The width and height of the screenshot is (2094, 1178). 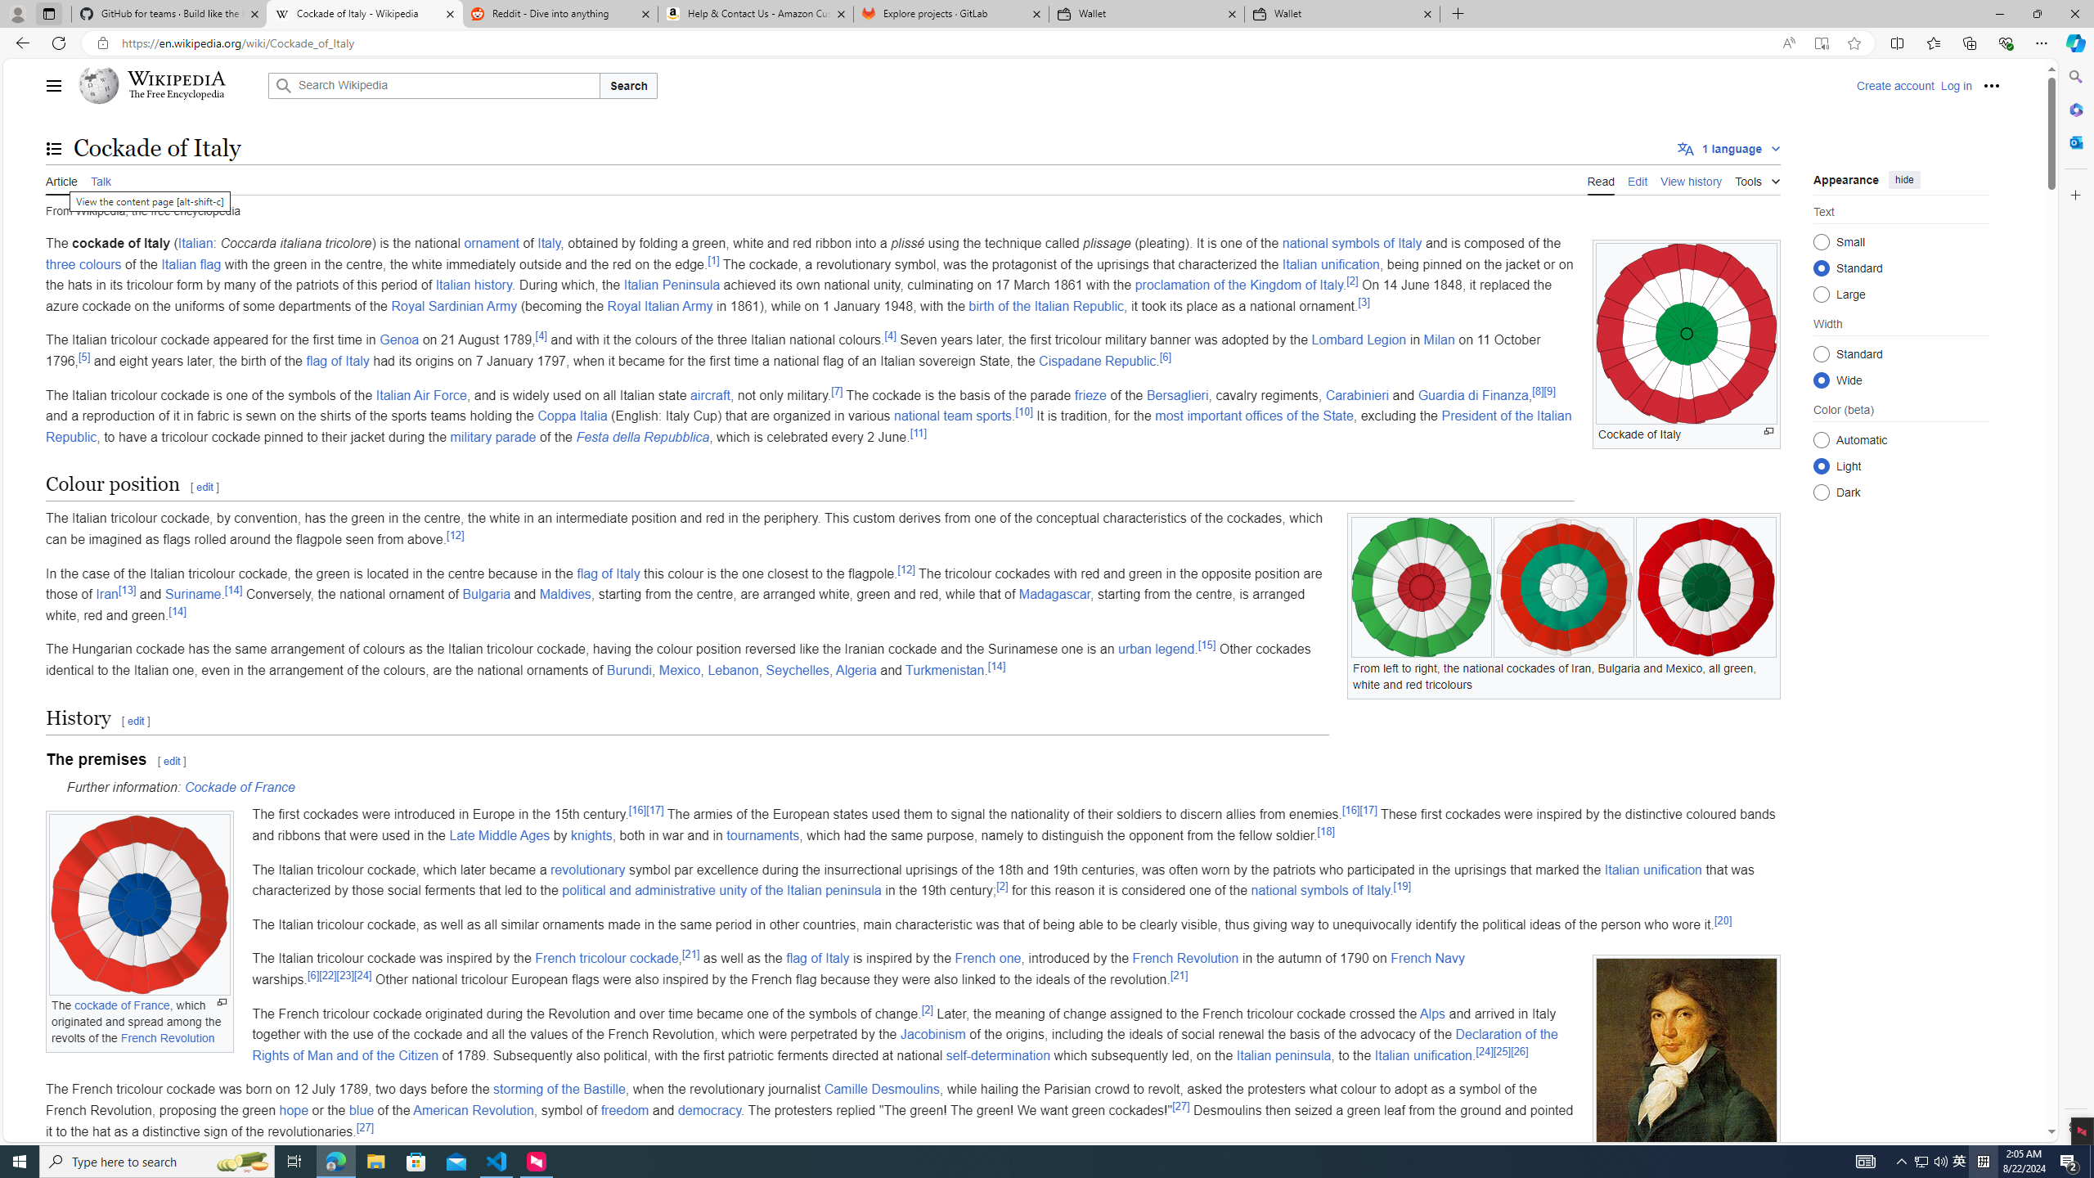 What do you see at coordinates (61, 179) in the screenshot?
I see `'Article'` at bounding box center [61, 179].